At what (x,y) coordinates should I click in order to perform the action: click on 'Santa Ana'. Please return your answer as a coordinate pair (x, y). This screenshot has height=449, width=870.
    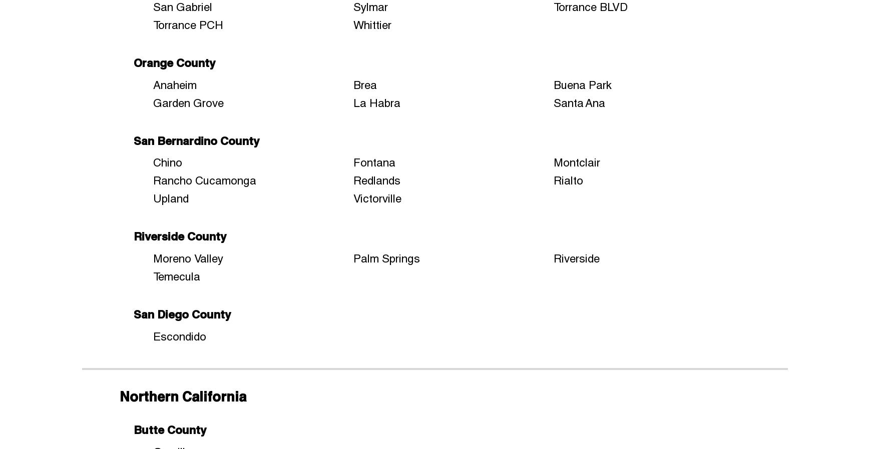
    Looking at the image, I should click on (579, 101).